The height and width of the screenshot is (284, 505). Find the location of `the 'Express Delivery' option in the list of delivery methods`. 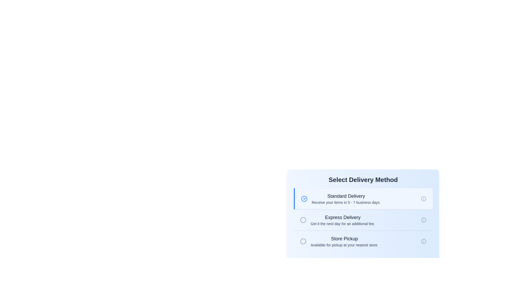

the 'Express Delivery' option in the list of delivery methods is located at coordinates (337, 220).